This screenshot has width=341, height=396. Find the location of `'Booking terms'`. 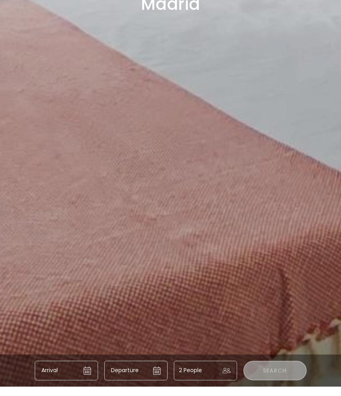

'Booking terms' is located at coordinates (221, 387).